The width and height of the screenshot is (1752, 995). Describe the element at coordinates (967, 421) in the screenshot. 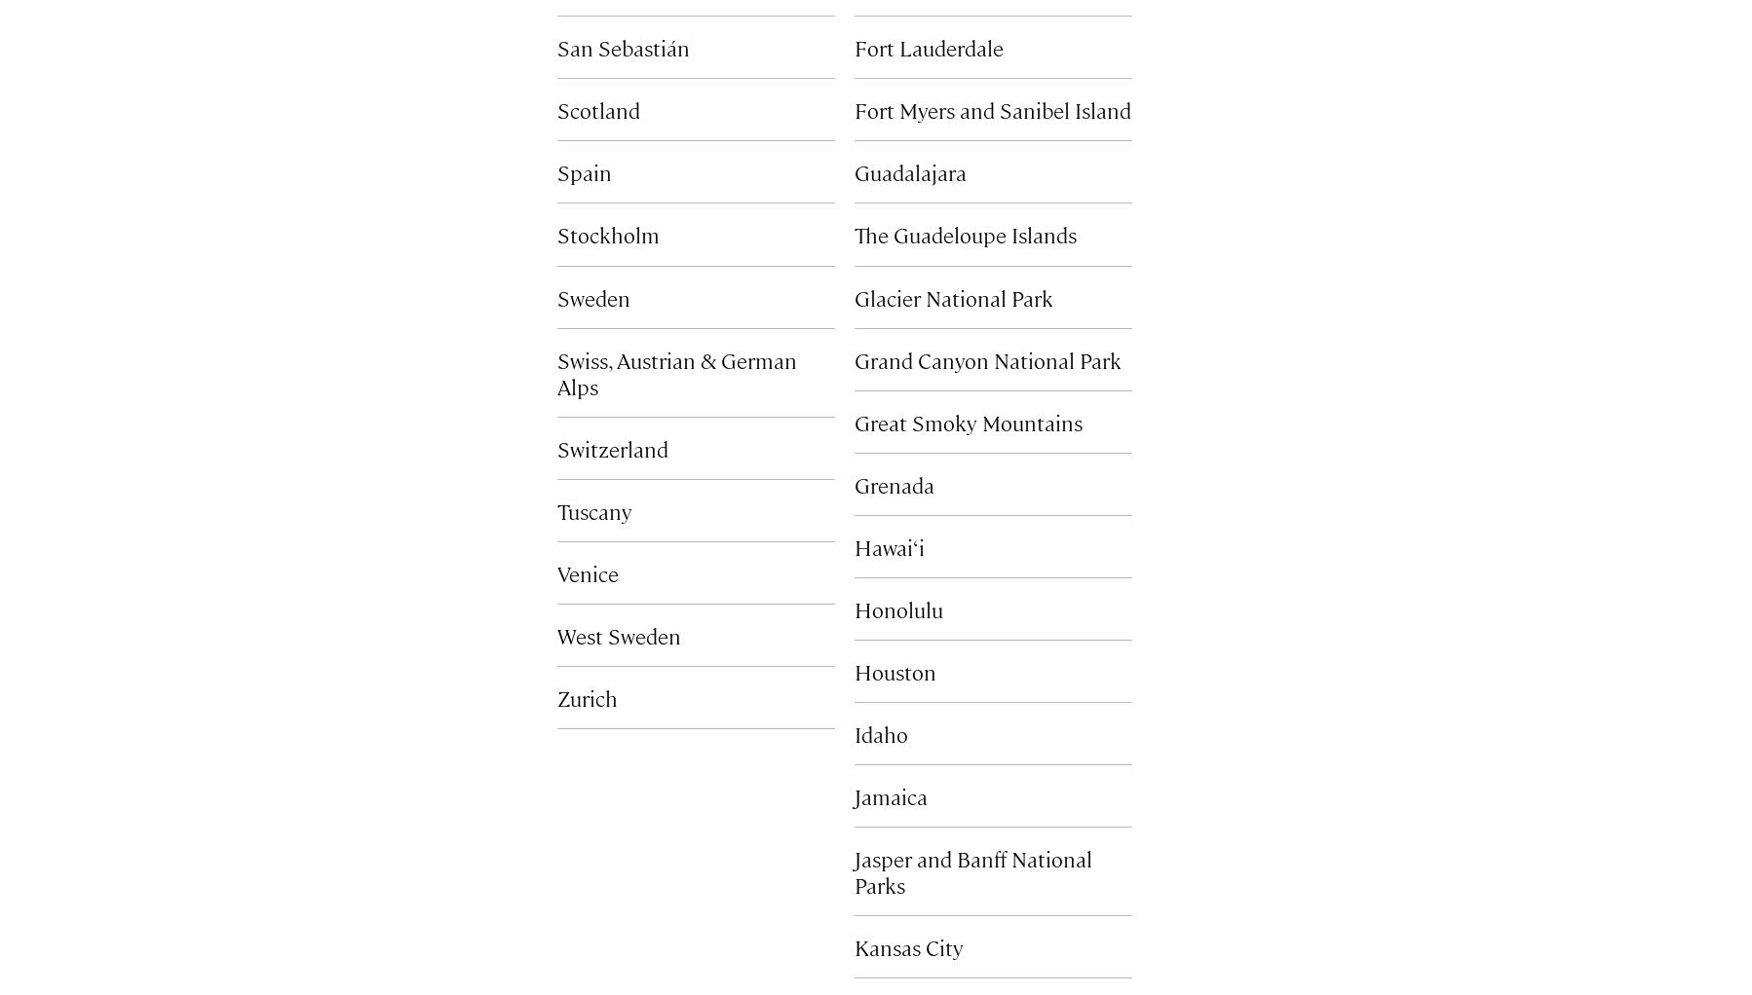

I see `'Great Smoky Mountains'` at that location.